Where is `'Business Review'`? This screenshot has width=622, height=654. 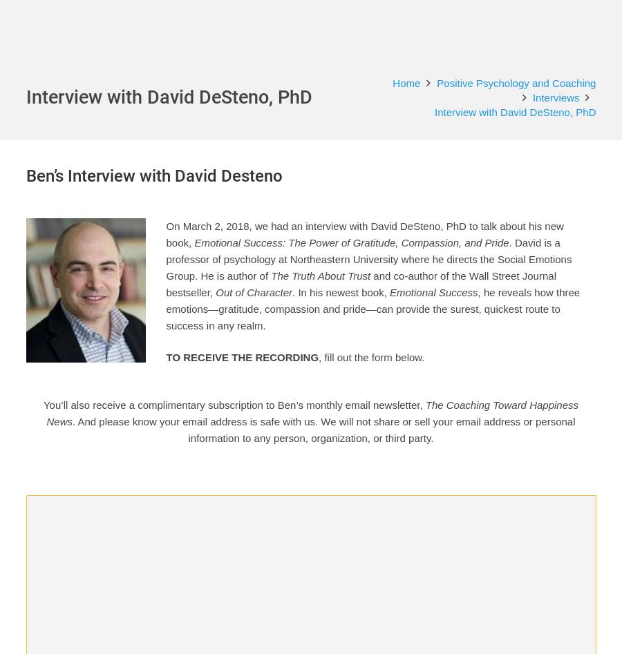
'Business Review' is located at coordinates (75, 510).